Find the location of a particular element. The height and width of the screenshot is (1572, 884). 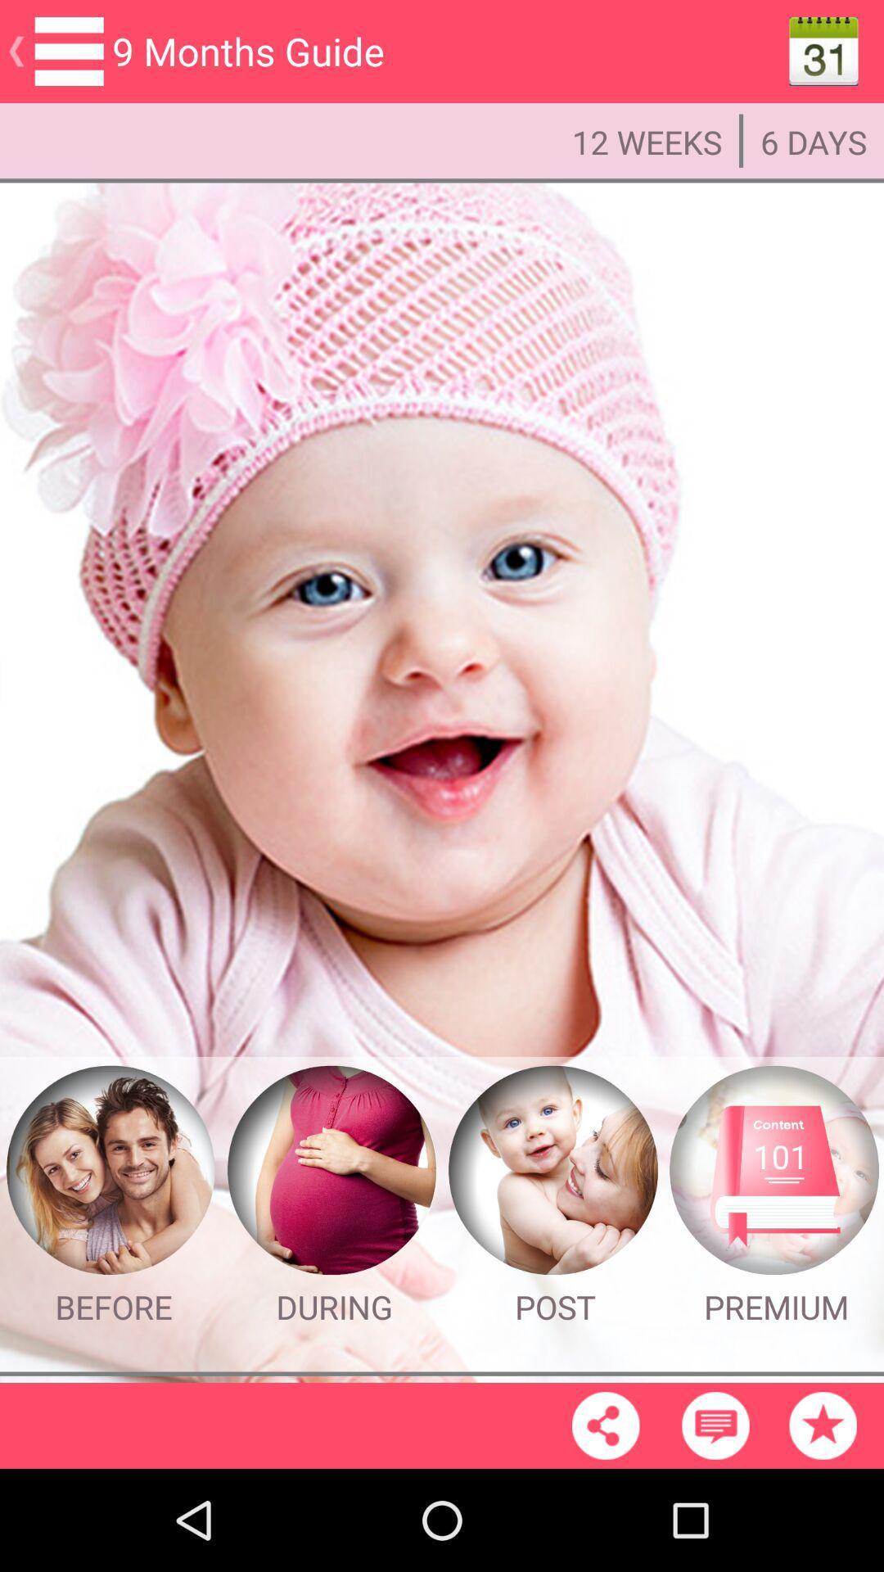

post to a social media group is located at coordinates (552, 1170).